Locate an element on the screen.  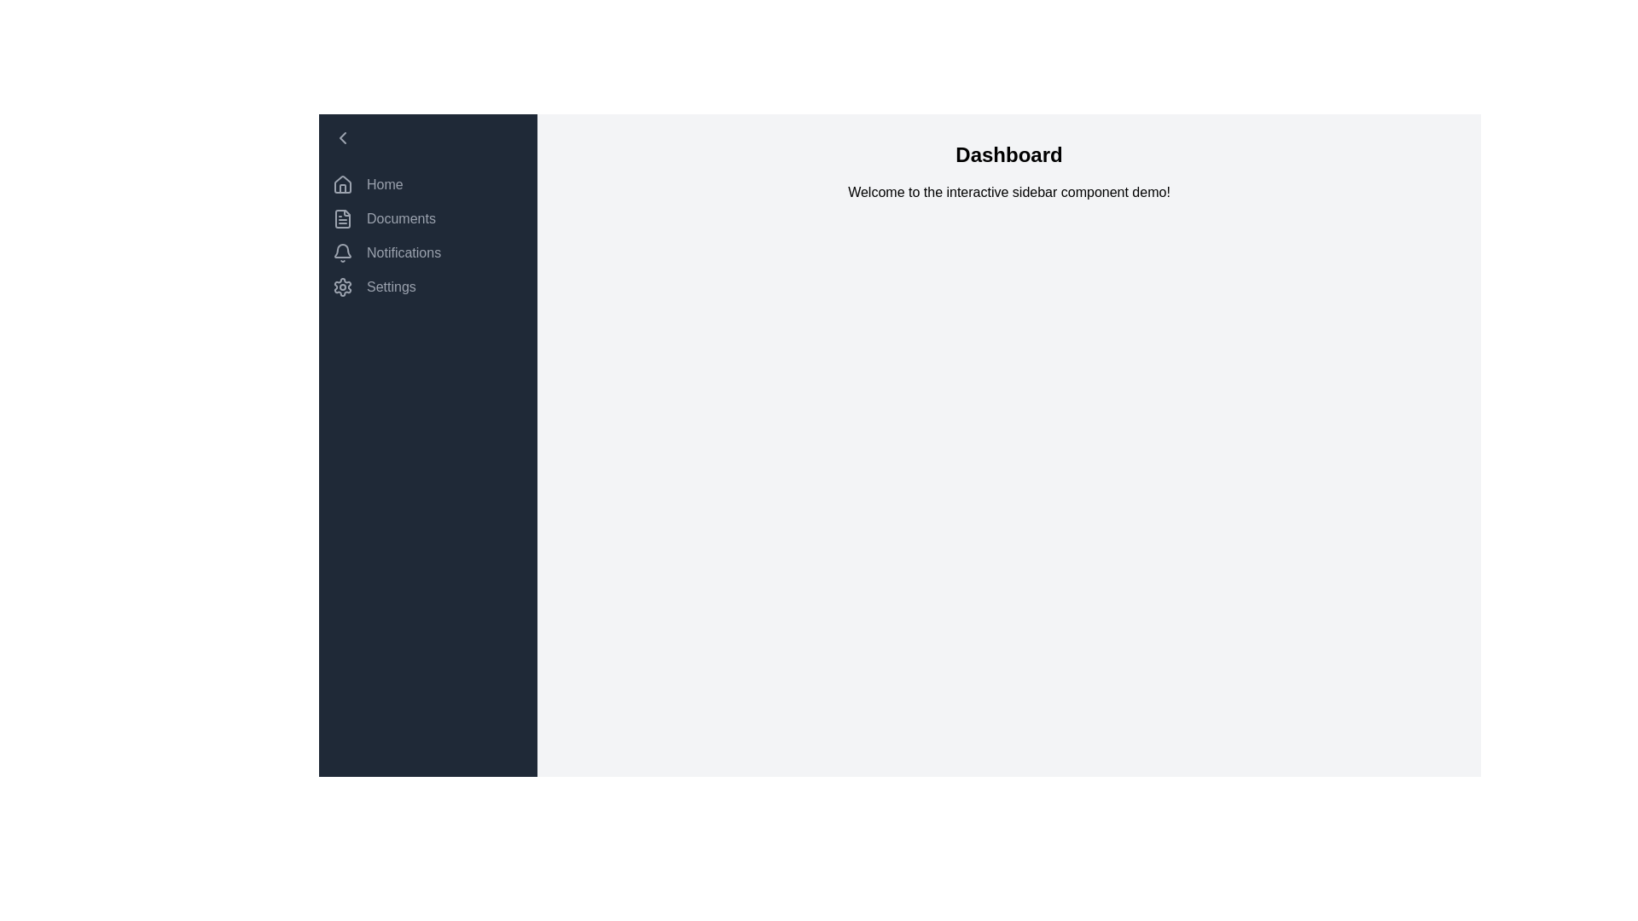
the navigation item Home in the sidebar is located at coordinates (428, 184).